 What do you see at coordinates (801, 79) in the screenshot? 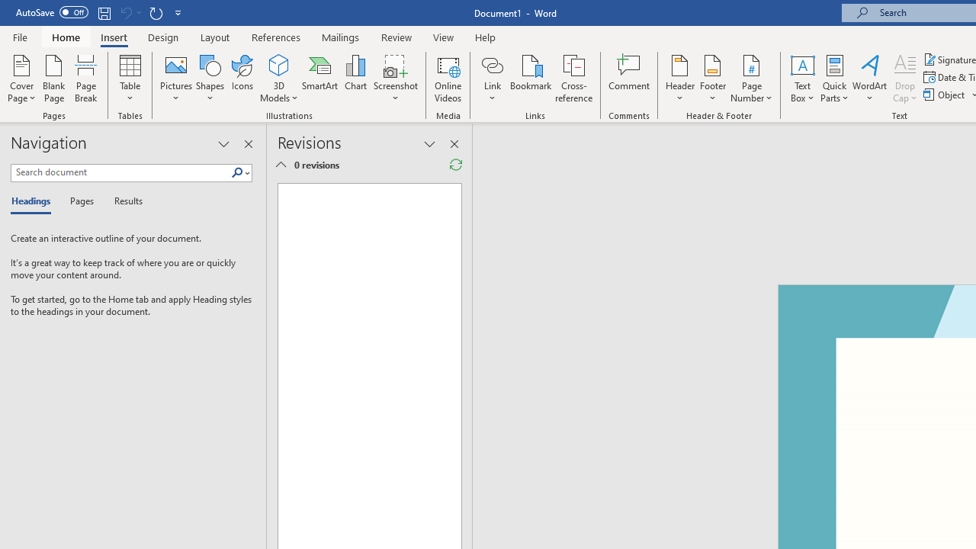
I see `'Text Box'` at bounding box center [801, 79].